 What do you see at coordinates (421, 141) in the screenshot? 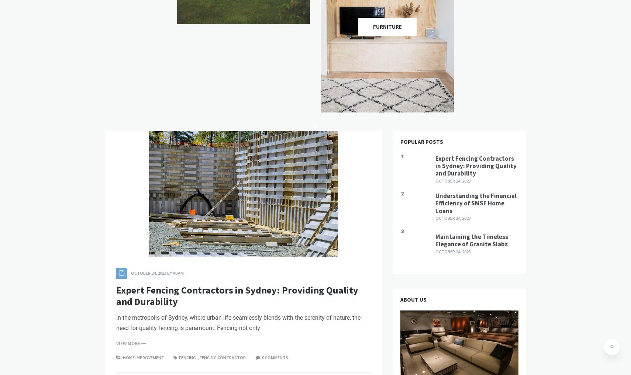
I see `'Popular Posts'` at bounding box center [421, 141].